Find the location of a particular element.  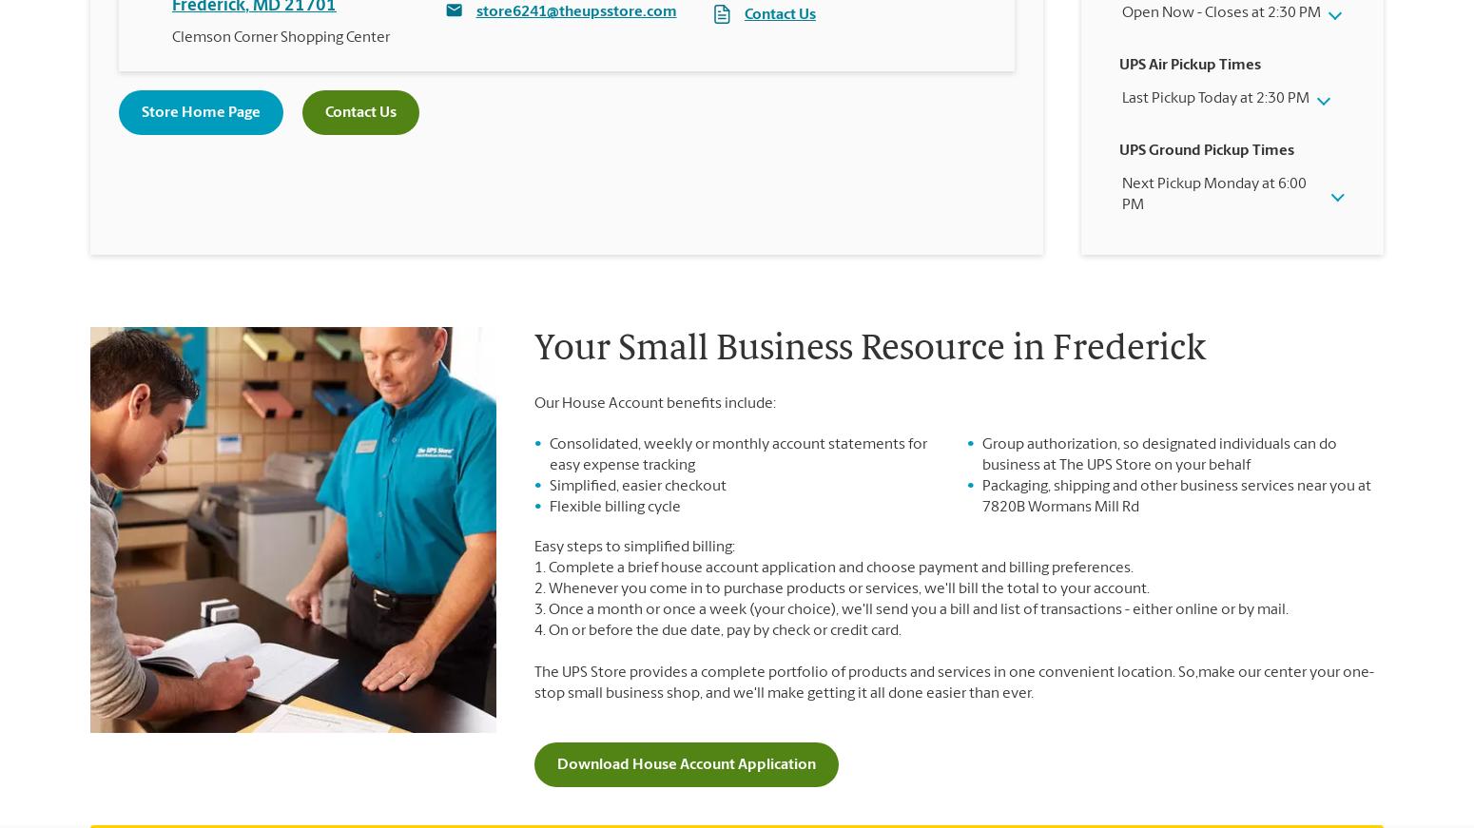

'Flexible billing cycle' is located at coordinates (613, 506).